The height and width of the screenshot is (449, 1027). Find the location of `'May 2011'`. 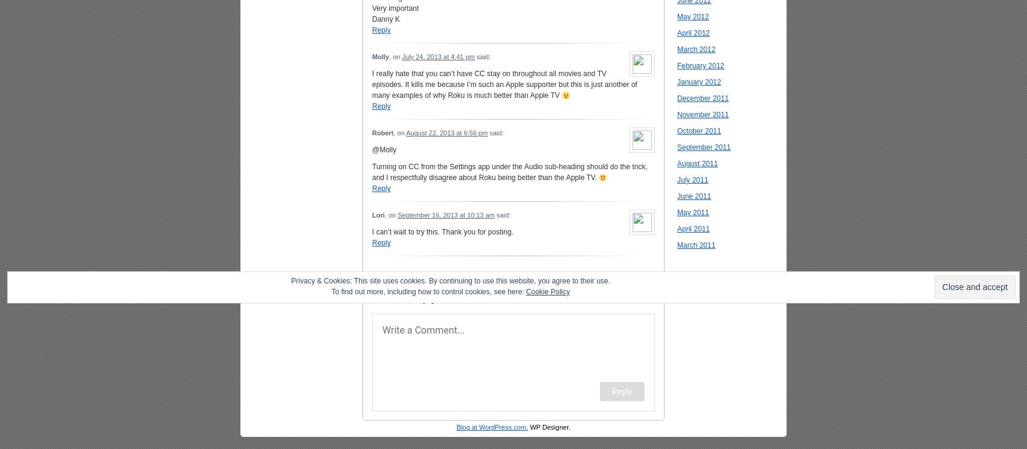

'May 2011' is located at coordinates (692, 213).